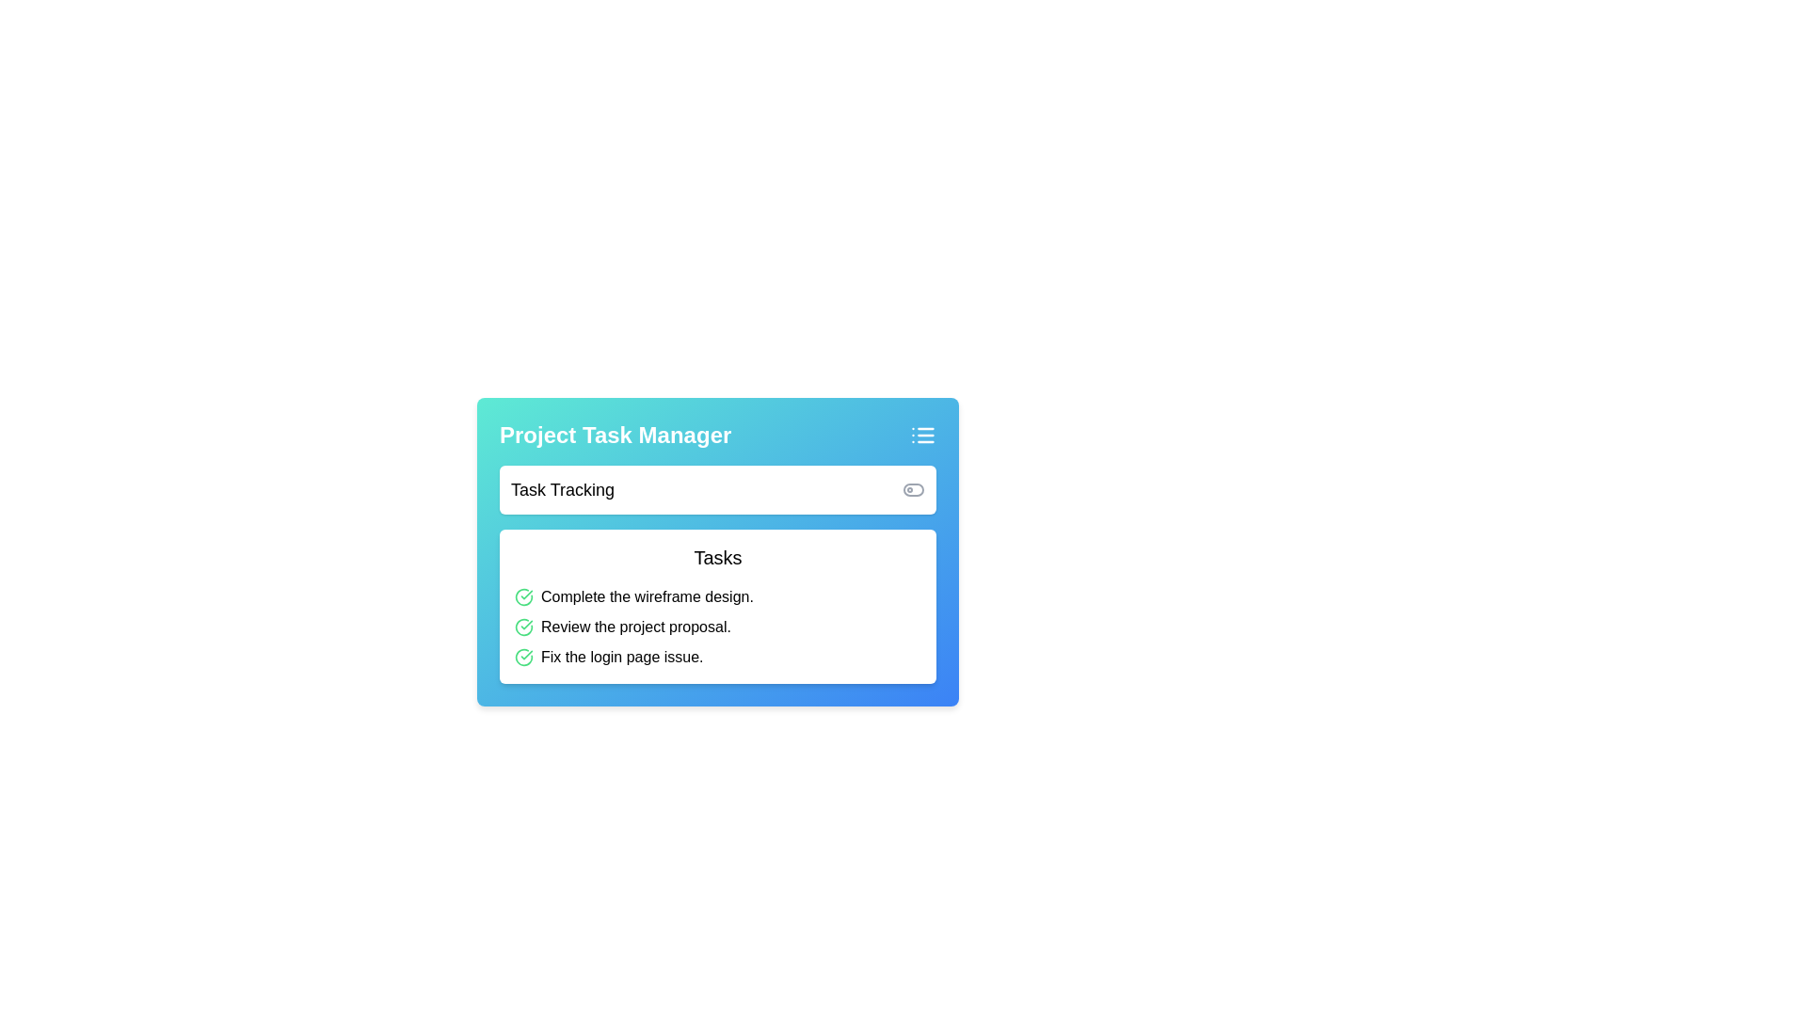 This screenshot has width=1807, height=1016. I want to click on the text label displaying 'Complete the wireframe design.' which is the first task in the list, located in a light white background area, so click(647, 597).